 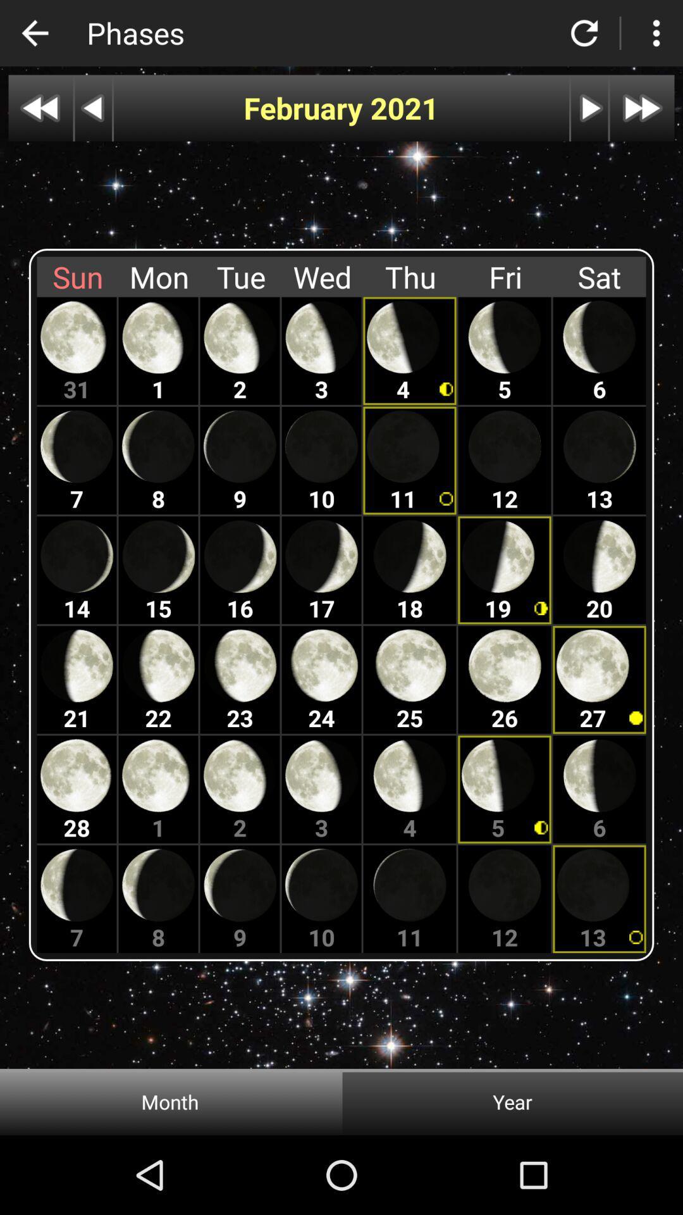 What do you see at coordinates (589, 108) in the screenshot?
I see `the icon under the reload option` at bounding box center [589, 108].